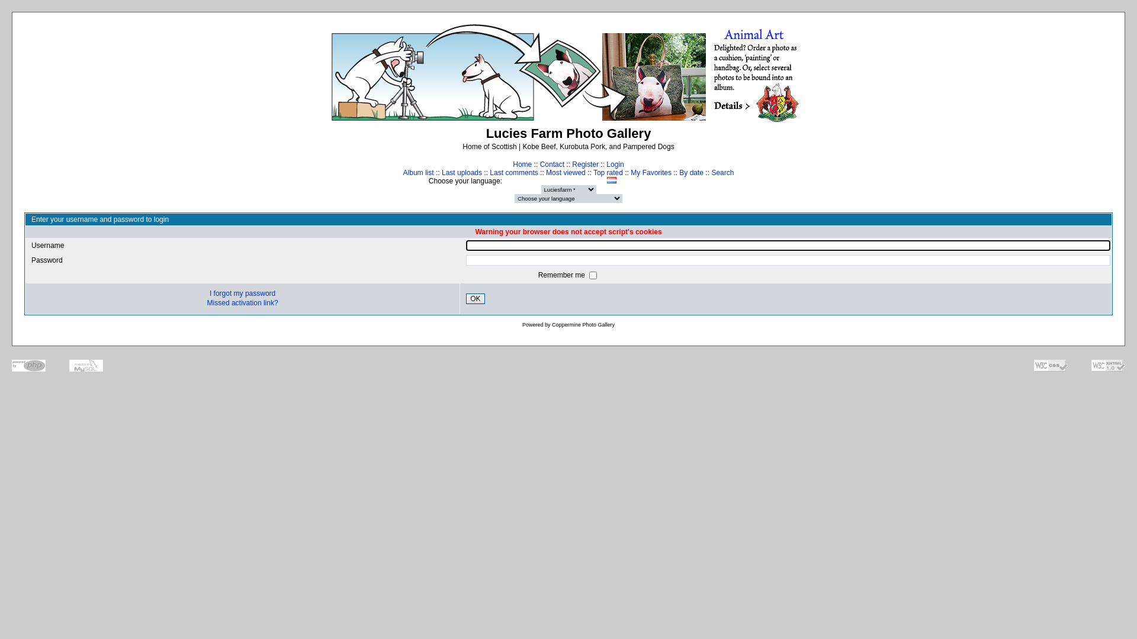 The width and height of the screenshot is (1137, 639). I want to click on 'By date', so click(691, 173).